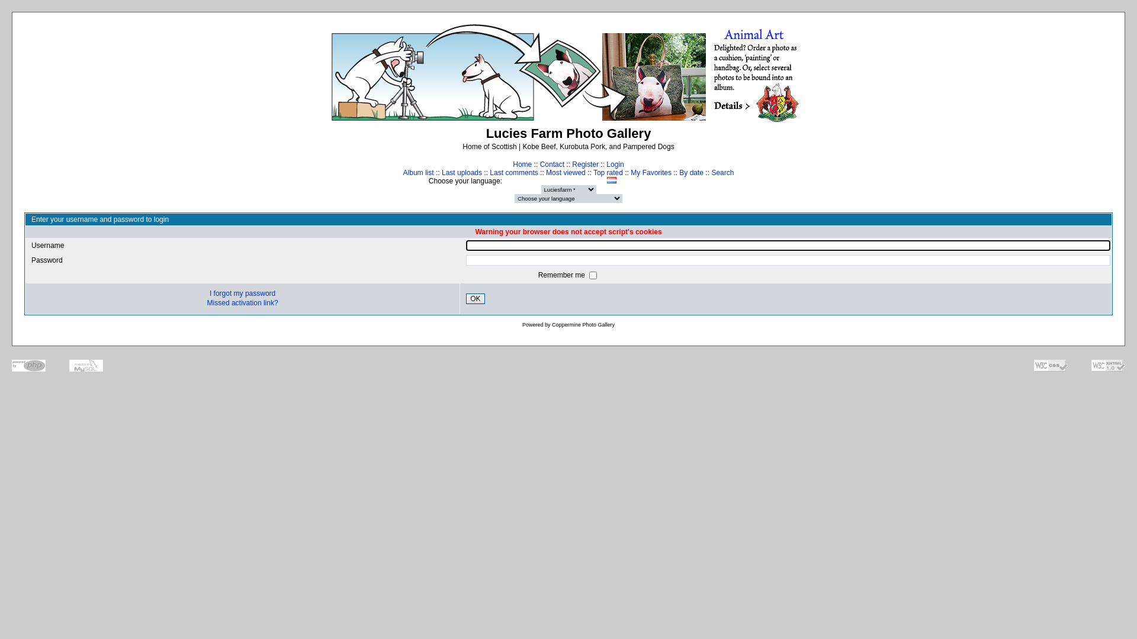 The width and height of the screenshot is (1137, 639). I want to click on 'By date', so click(691, 173).